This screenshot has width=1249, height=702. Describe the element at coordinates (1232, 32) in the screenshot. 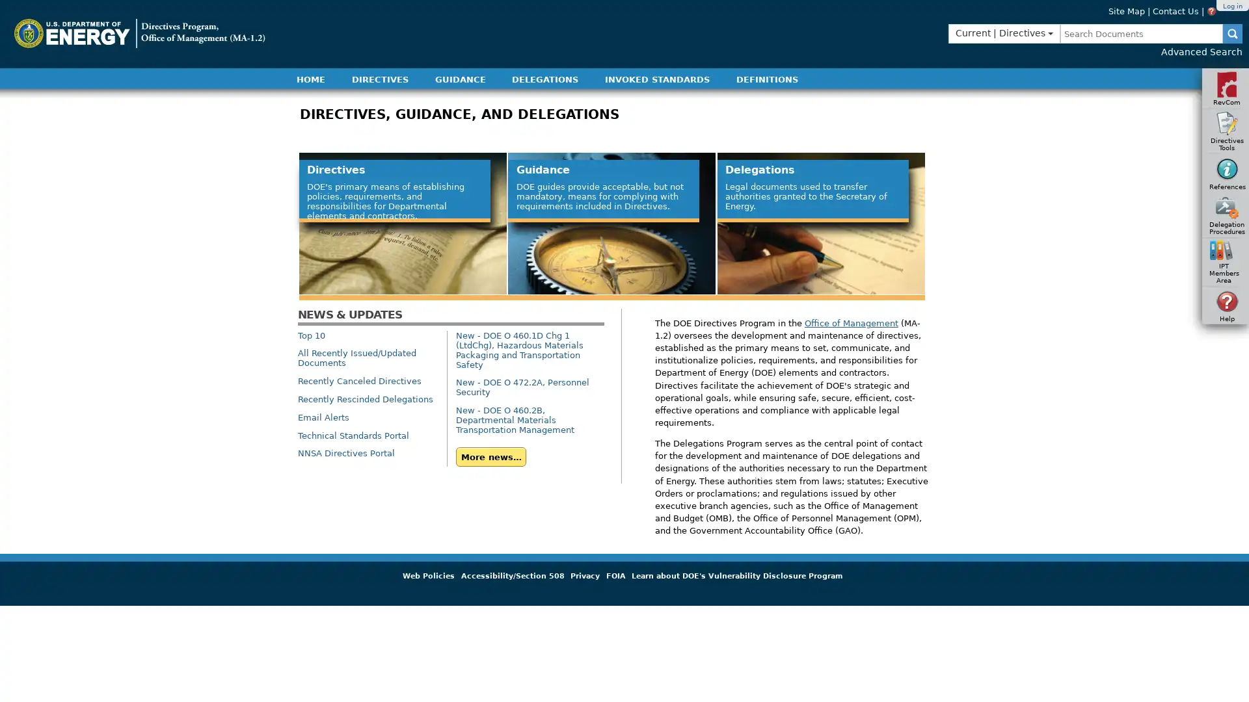

I see `Search` at that location.